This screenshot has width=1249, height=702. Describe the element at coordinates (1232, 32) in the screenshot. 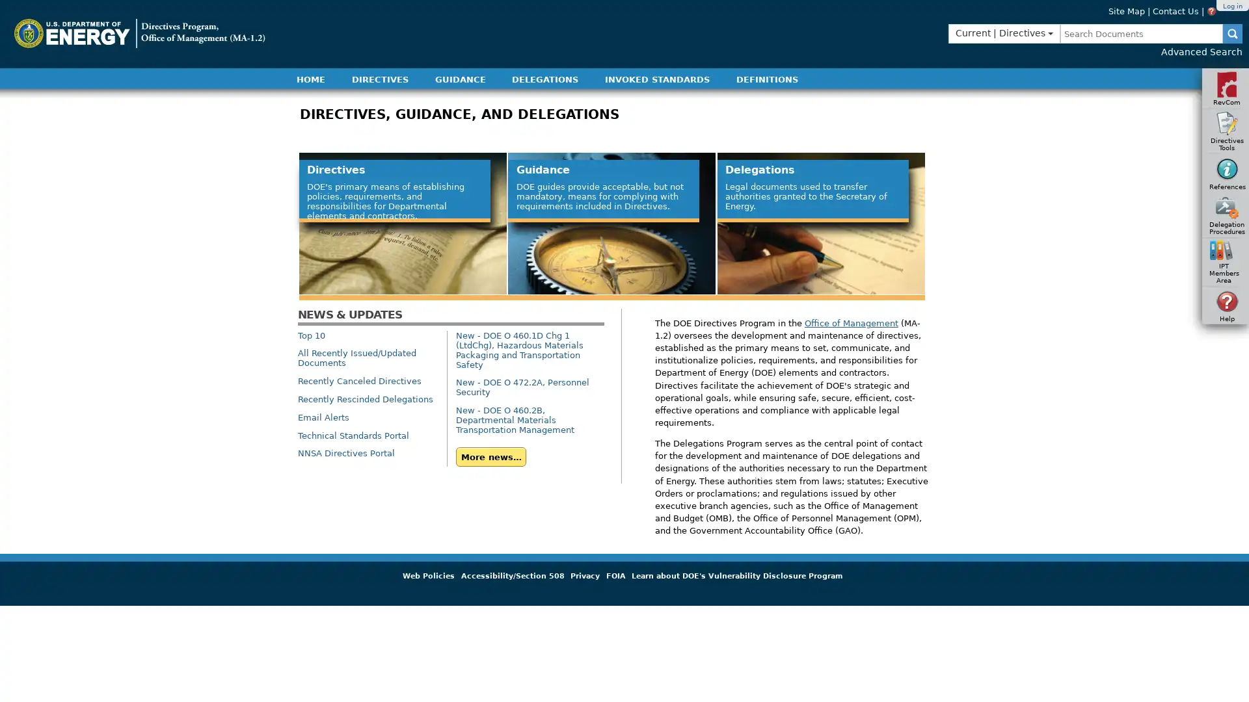

I see `Search` at that location.